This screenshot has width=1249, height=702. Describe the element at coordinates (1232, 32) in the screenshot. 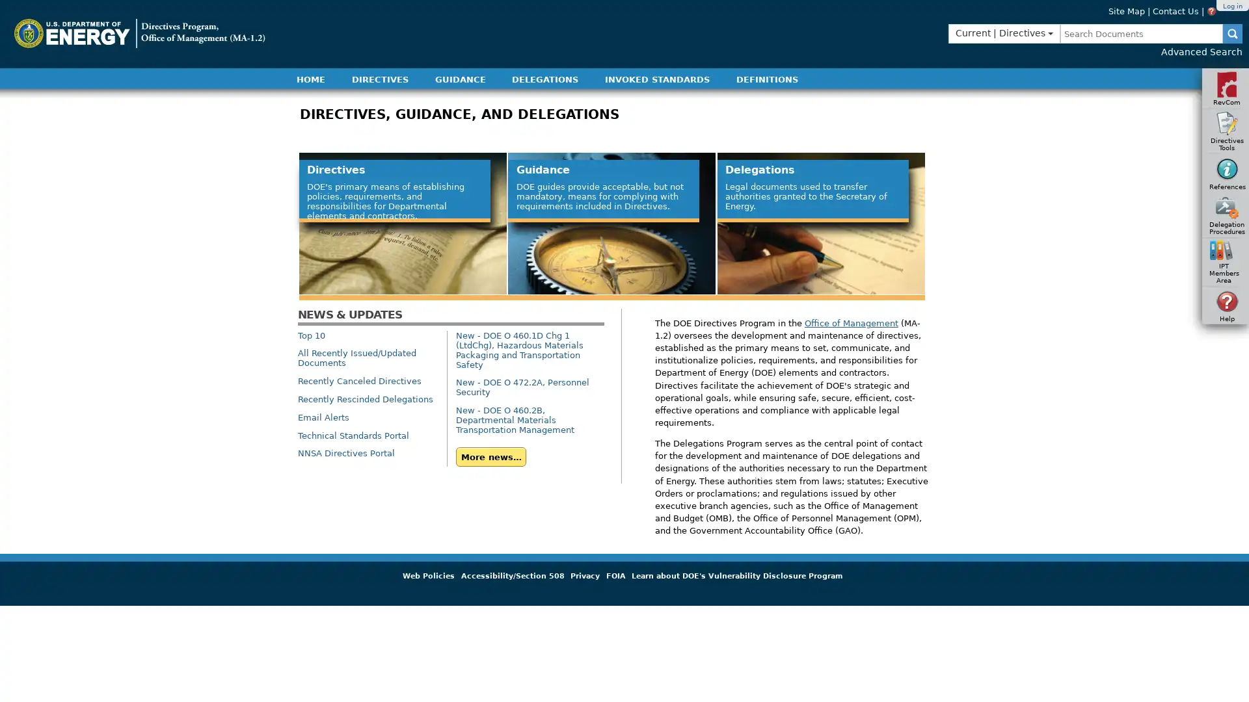

I see `Search` at that location.